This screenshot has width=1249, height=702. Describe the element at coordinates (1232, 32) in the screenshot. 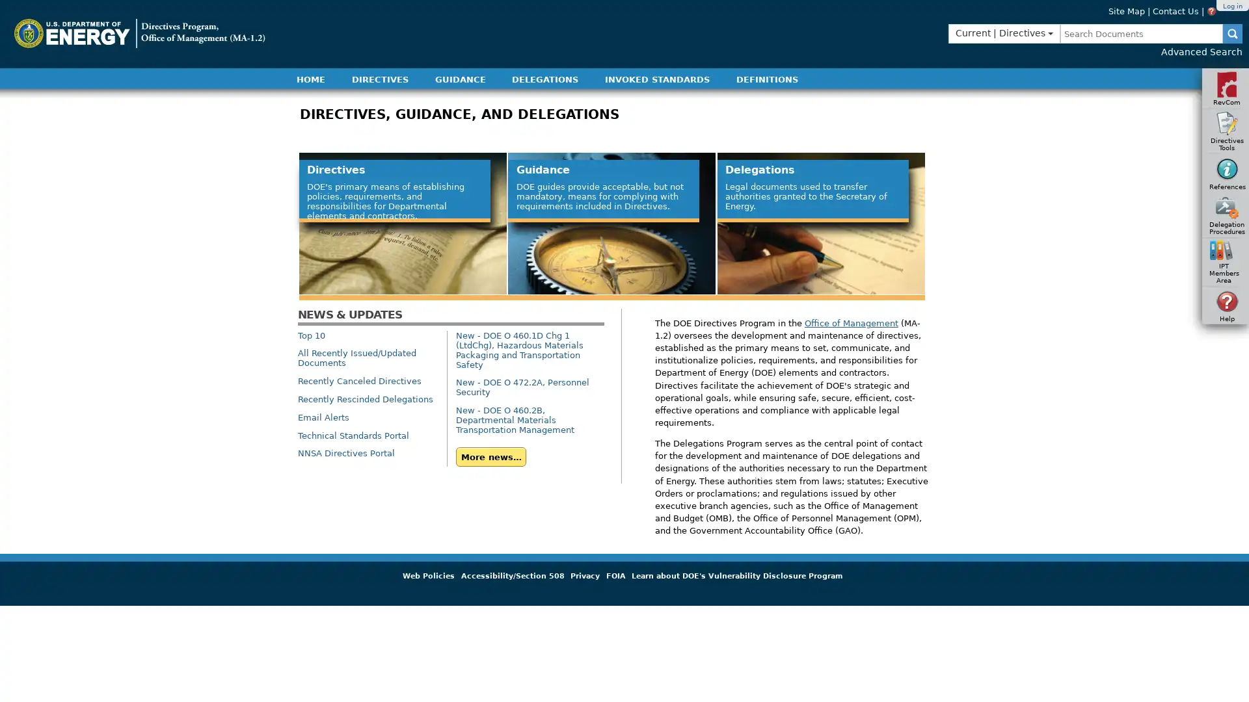

I see `Search` at that location.